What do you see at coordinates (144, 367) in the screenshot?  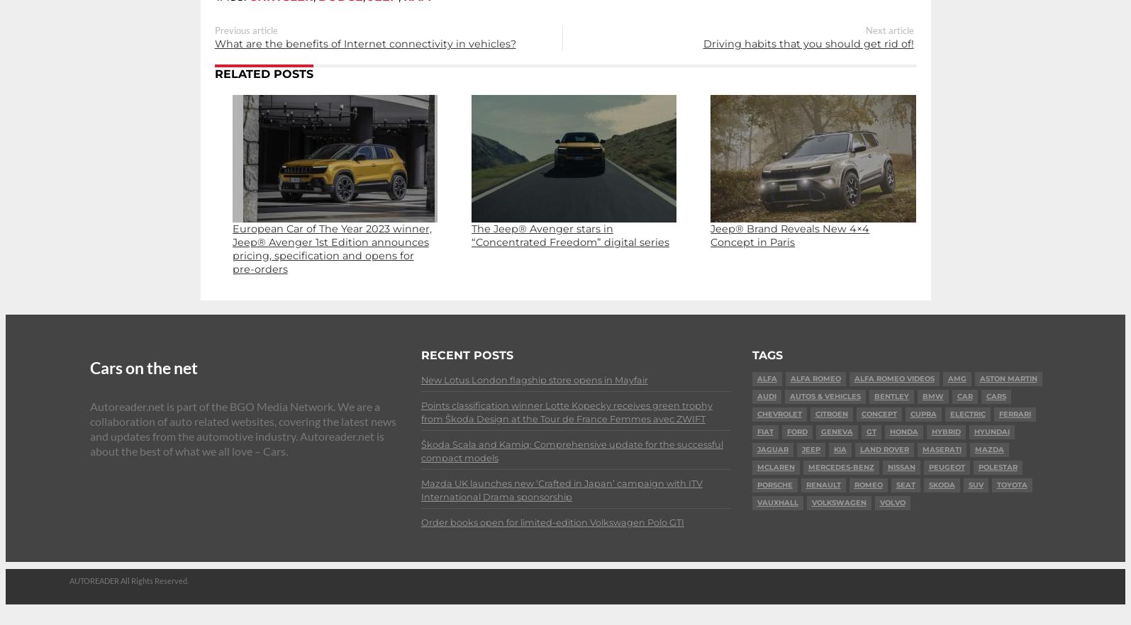 I see `'Cars on the net'` at bounding box center [144, 367].